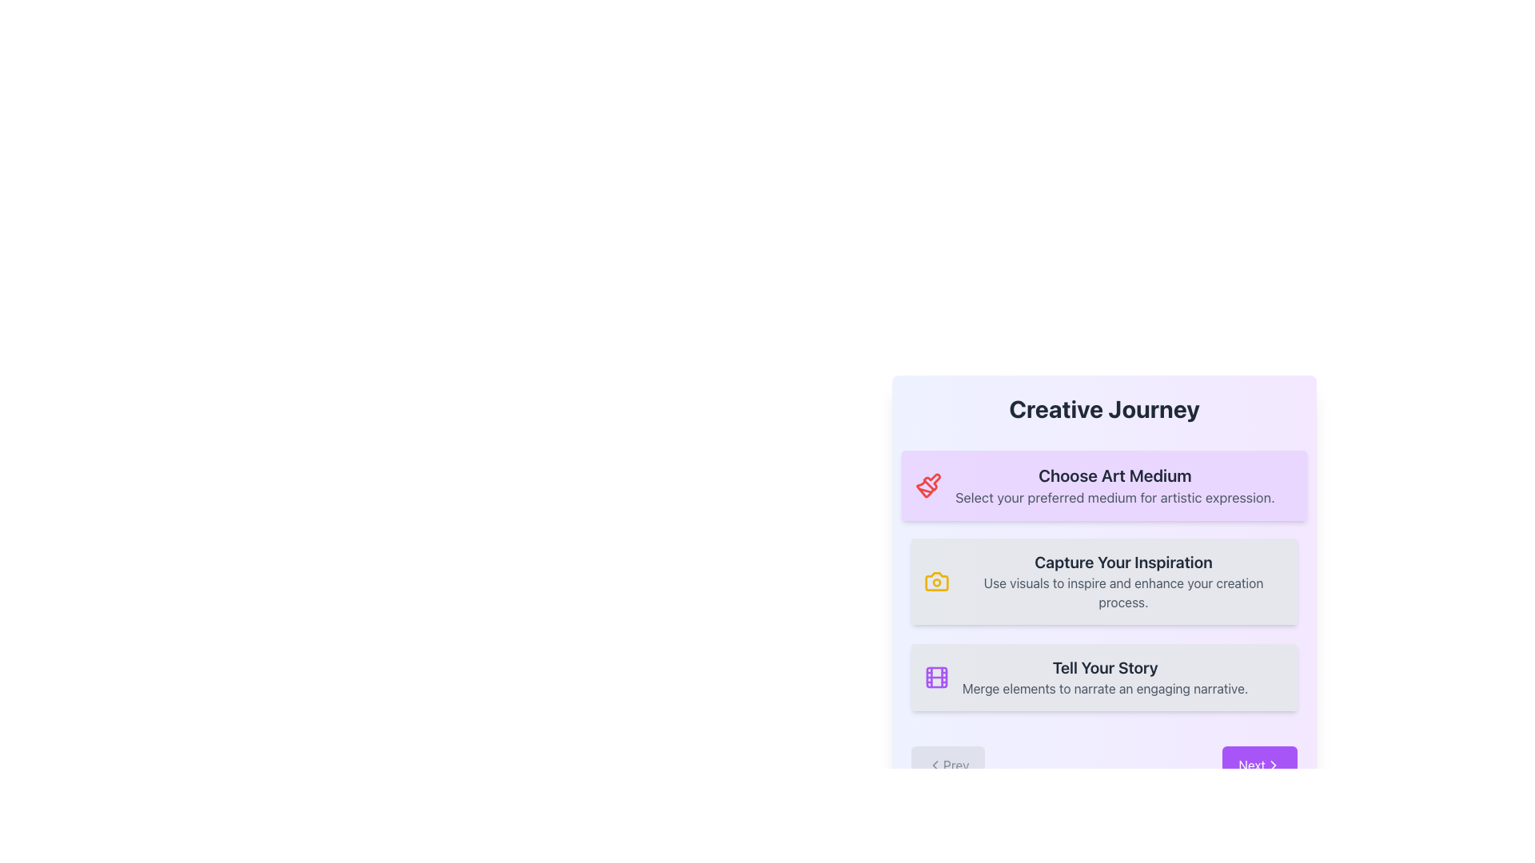 The width and height of the screenshot is (1535, 863). Describe the element at coordinates (935, 764) in the screenshot. I see `the left-facing chevron icon located on the left side of the 'Prev' button` at that location.